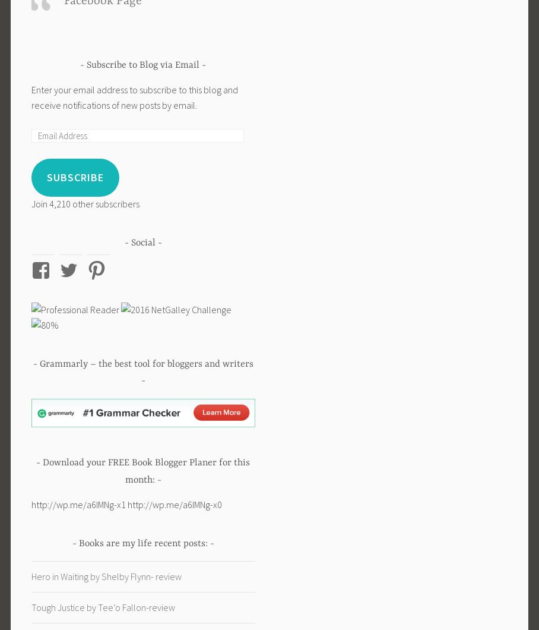 Image resolution: width=539 pixels, height=630 pixels. I want to click on 'Subscribe to Blog via Email', so click(142, 65).